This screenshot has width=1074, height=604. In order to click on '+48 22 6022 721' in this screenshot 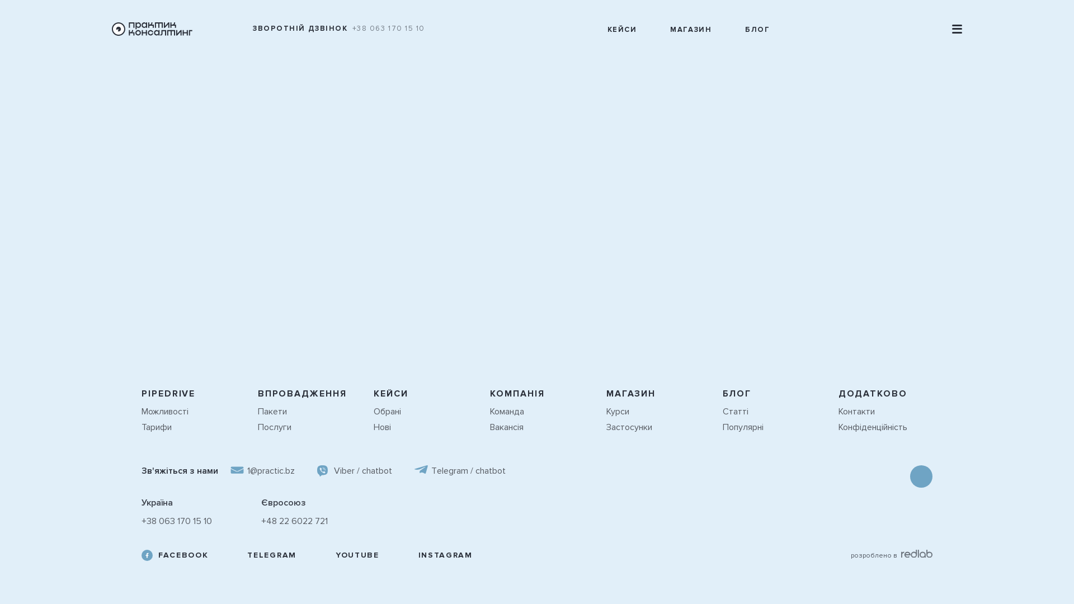, I will do `click(294, 521)`.